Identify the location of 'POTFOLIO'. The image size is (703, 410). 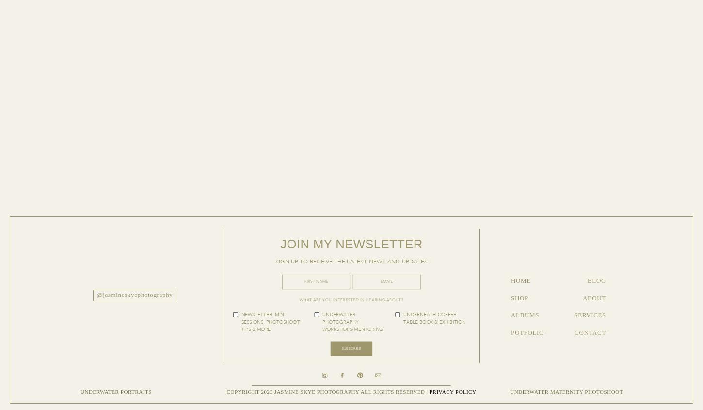
(511, 332).